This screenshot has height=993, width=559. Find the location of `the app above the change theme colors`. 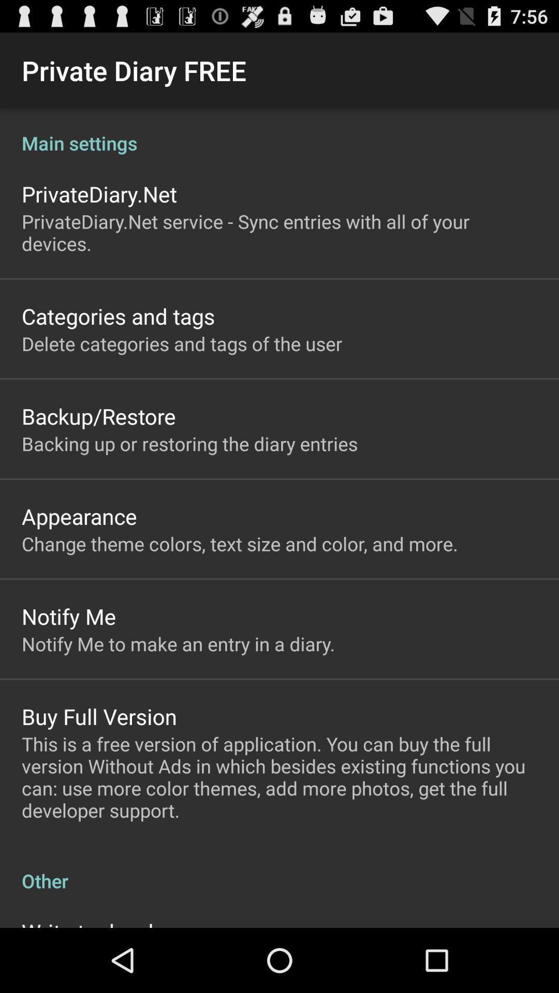

the app above the change theme colors is located at coordinates (79, 516).